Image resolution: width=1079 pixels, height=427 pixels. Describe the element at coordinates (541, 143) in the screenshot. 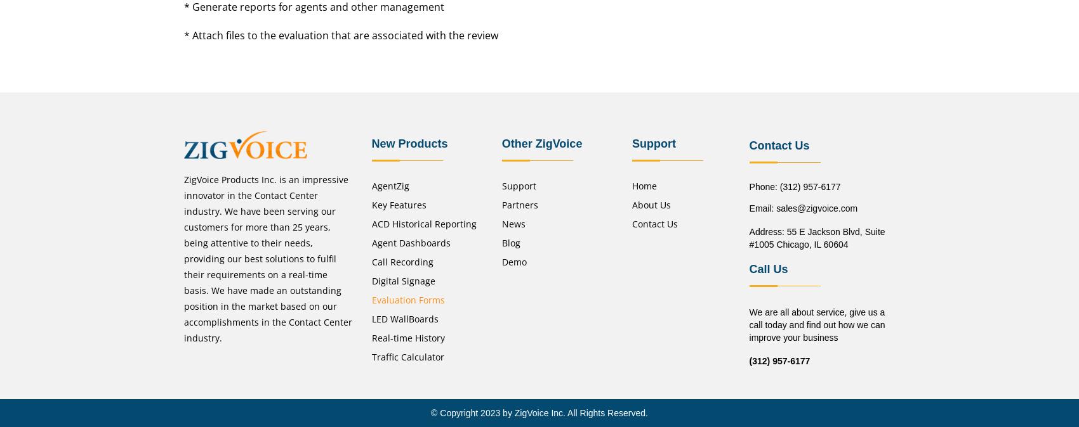

I see `'Other ZigVoice'` at that location.